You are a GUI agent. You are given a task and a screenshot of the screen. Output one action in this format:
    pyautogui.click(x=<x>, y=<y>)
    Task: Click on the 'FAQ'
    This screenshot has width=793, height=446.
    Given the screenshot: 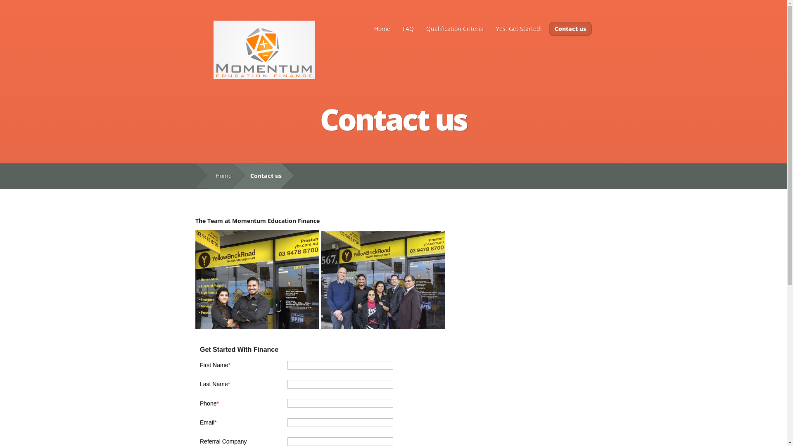 What is the action you would take?
    pyautogui.click(x=397, y=28)
    